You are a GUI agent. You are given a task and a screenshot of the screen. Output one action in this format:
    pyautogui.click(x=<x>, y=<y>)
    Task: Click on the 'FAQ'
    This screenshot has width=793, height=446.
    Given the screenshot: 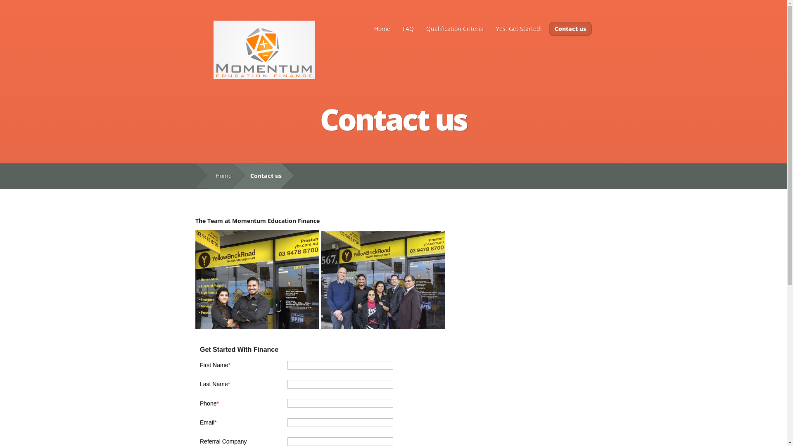 What is the action you would take?
    pyautogui.click(x=397, y=28)
    